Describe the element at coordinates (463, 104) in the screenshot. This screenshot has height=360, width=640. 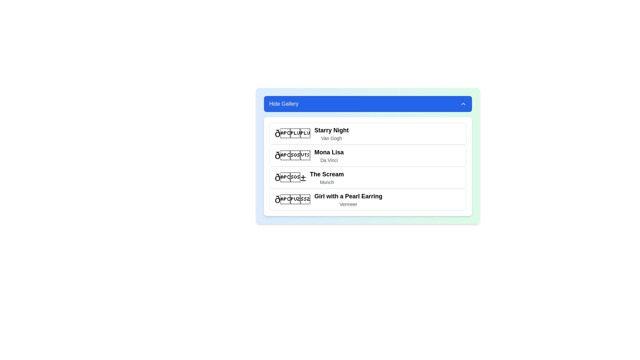
I see `the upward-pointing chevron icon located in the top right corner of the blue bar labeled 'Hide Gallery'` at that location.